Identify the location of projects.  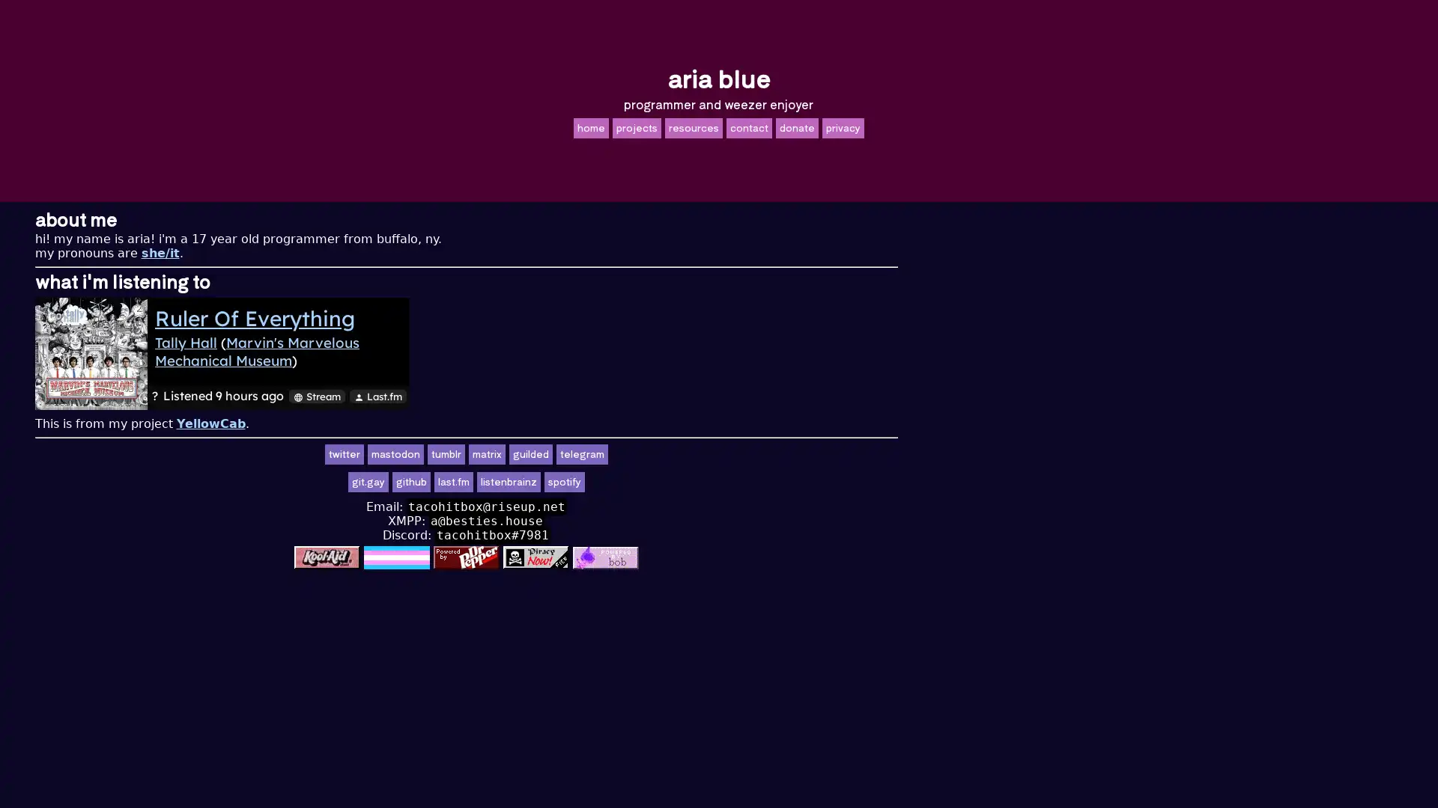
(636, 126).